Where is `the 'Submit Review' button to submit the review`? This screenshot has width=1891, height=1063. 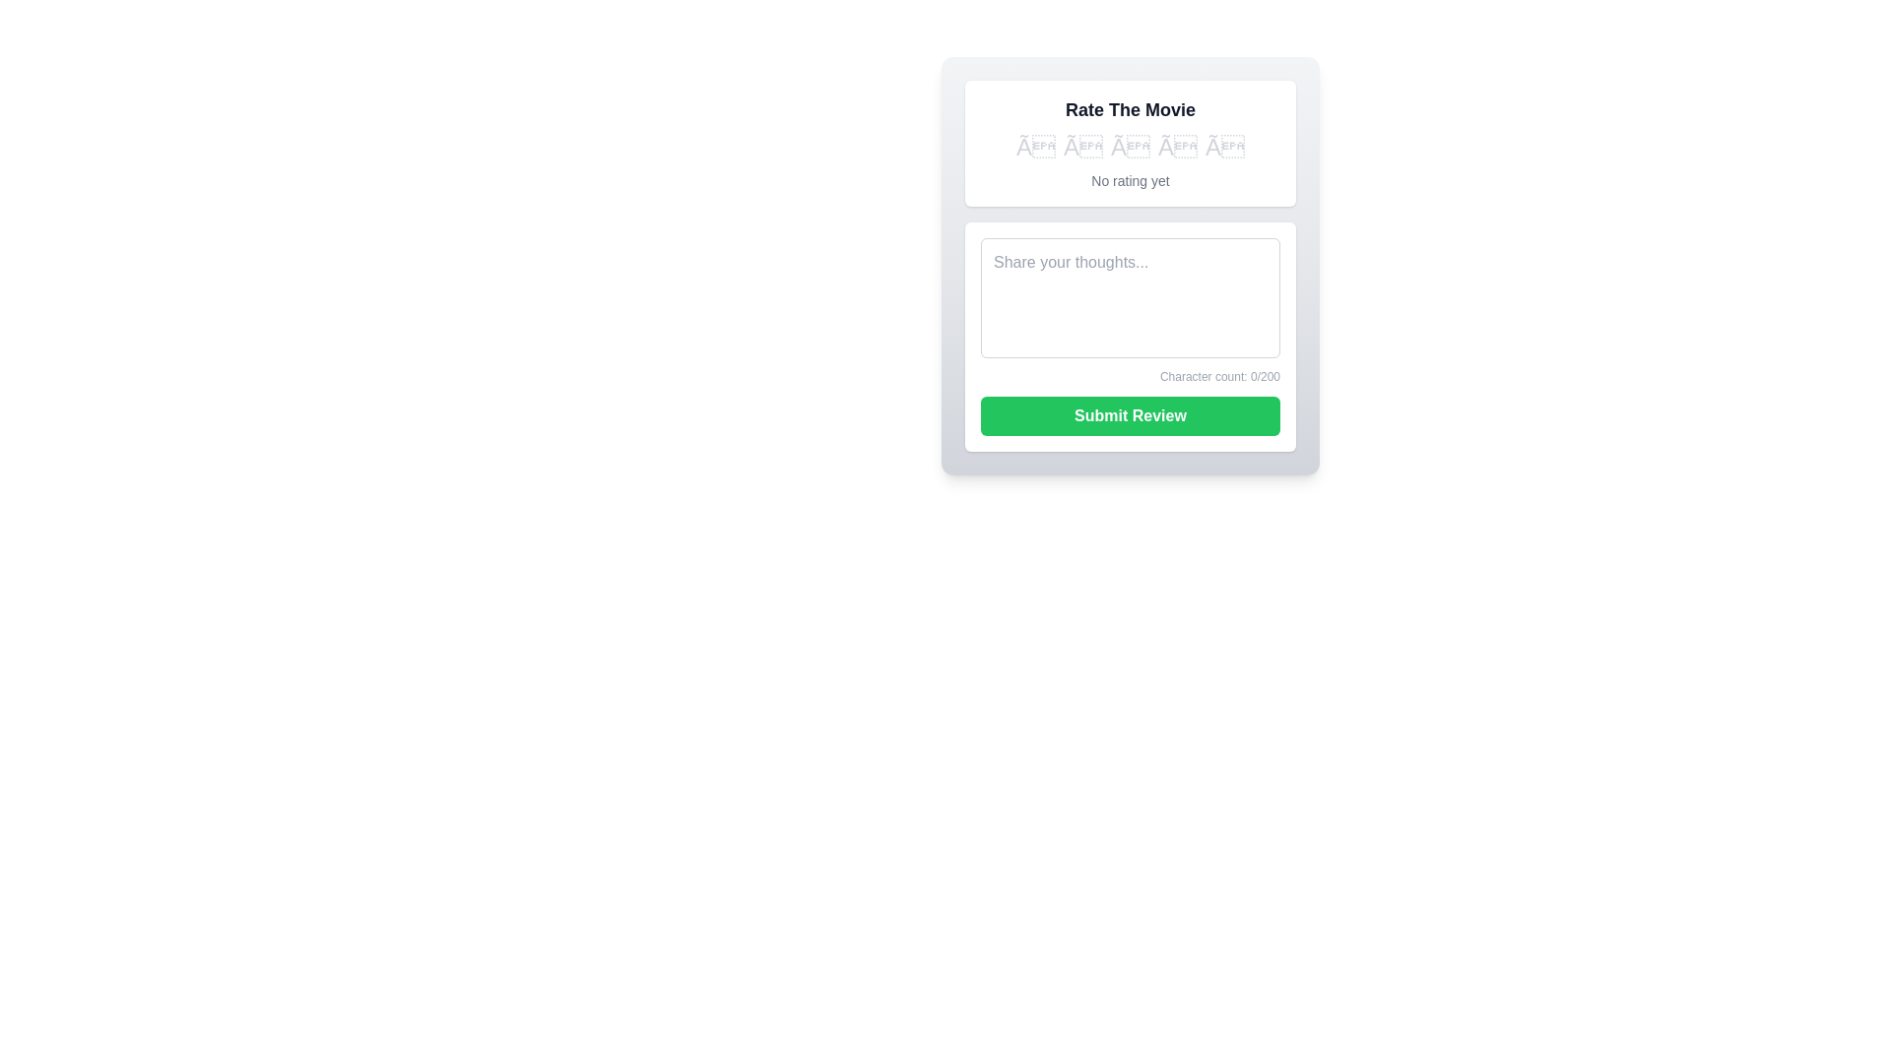 the 'Submit Review' button to submit the review is located at coordinates (1130, 415).